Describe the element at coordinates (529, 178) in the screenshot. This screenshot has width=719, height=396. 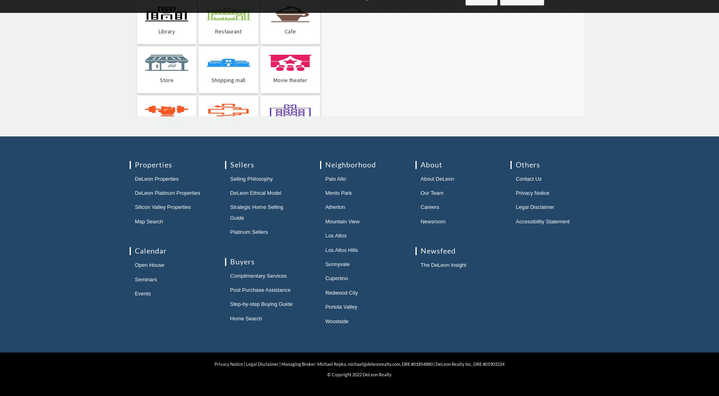
I see `'Contact Us'` at that location.